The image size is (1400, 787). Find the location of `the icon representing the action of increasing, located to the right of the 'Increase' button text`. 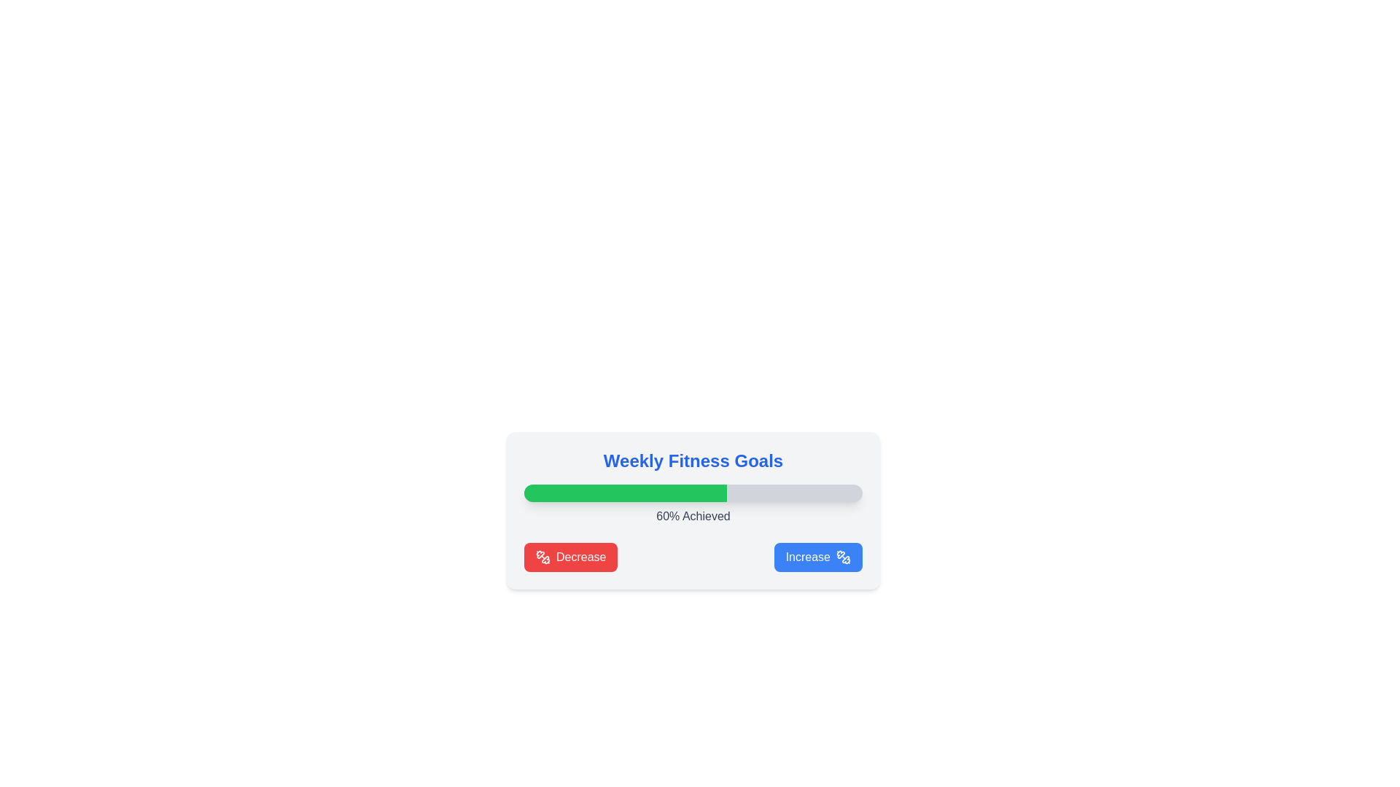

the icon representing the action of increasing, located to the right of the 'Increase' button text is located at coordinates (843, 557).